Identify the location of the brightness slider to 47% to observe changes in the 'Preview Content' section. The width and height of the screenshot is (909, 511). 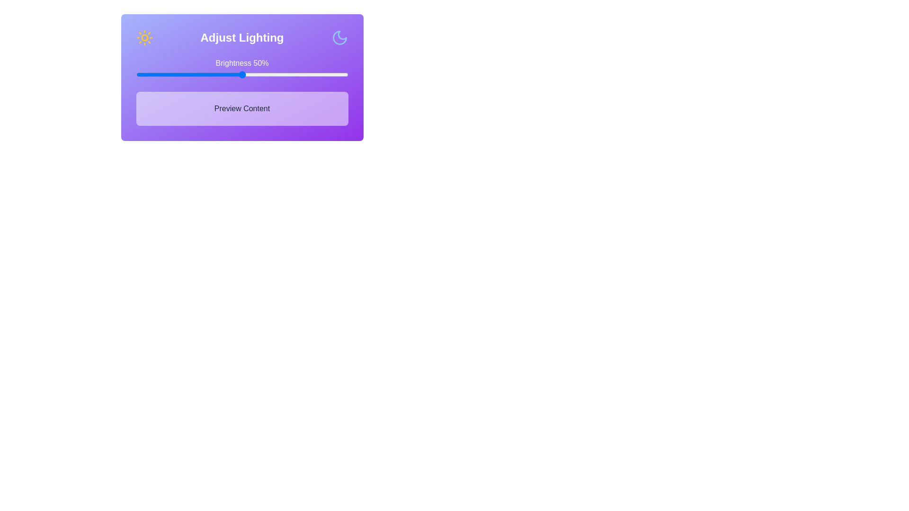
(236, 74).